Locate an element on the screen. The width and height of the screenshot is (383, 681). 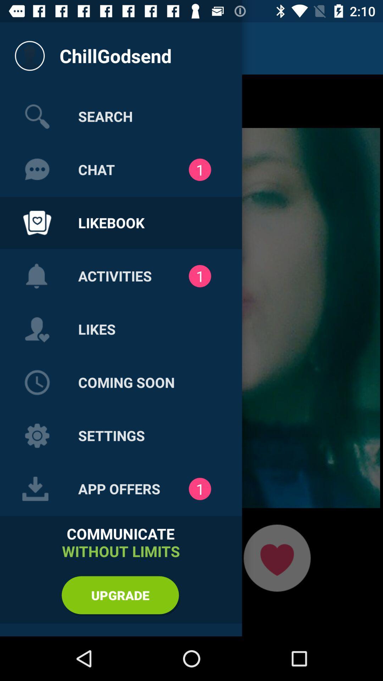
the like button below image is located at coordinates (277, 558).